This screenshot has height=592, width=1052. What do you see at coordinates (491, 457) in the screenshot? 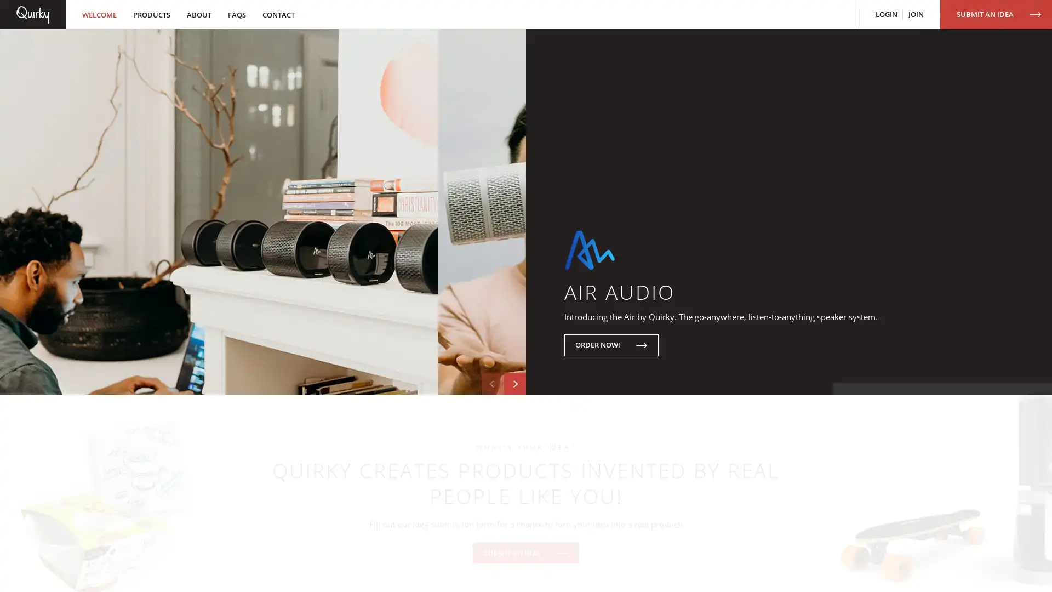
I see `Previous` at bounding box center [491, 457].